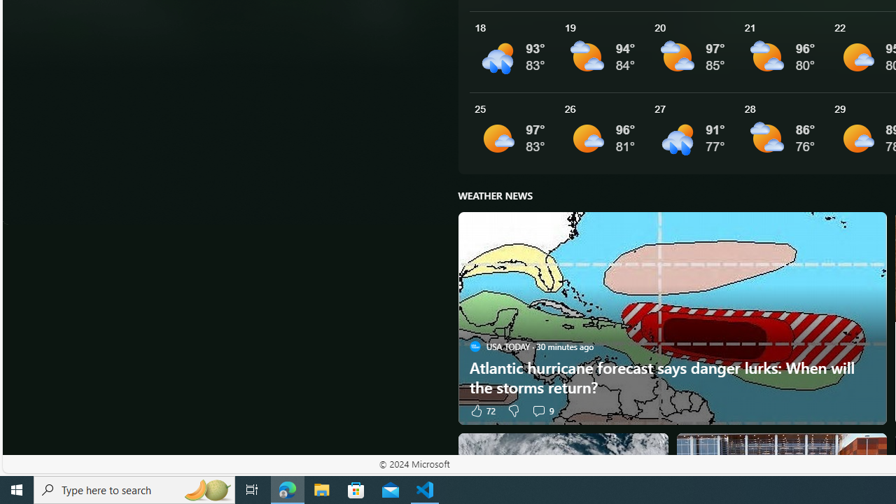 Image resolution: width=896 pixels, height=504 pixels. What do you see at coordinates (475, 346) in the screenshot?
I see `'USA TODAY'` at bounding box center [475, 346].